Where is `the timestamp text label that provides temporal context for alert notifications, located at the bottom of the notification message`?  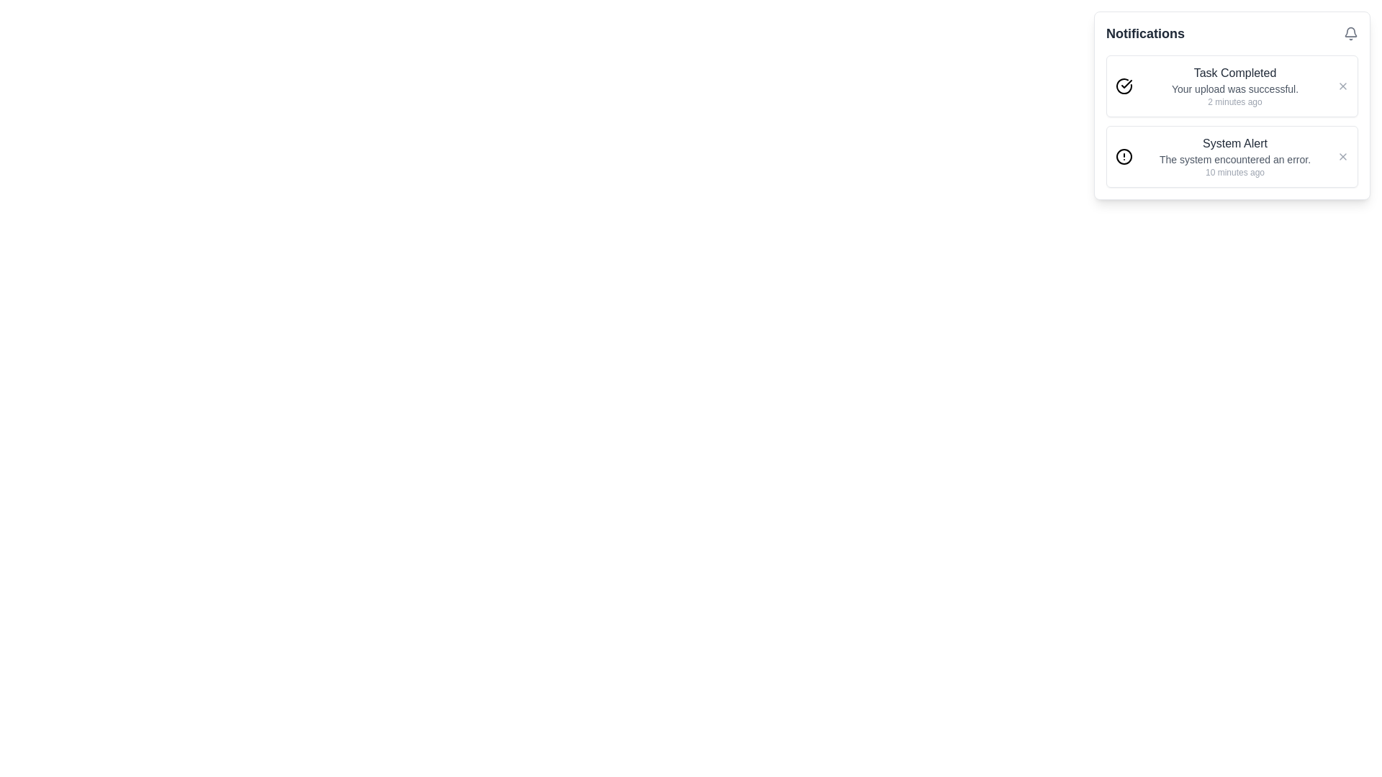
the timestamp text label that provides temporal context for alert notifications, located at the bottom of the notification message is located at coordinates (1234, 171).